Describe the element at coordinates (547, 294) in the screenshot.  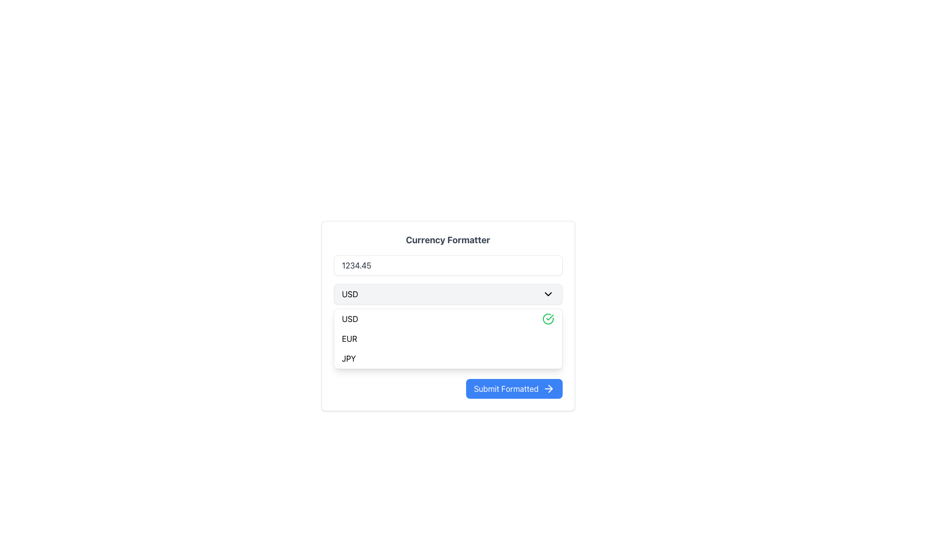
I see `the collapsible icon located on the right side of the 'USD' text` at that location.